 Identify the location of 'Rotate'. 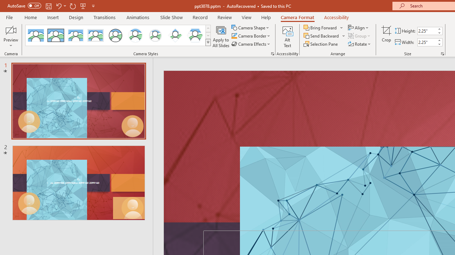
(360, 44).